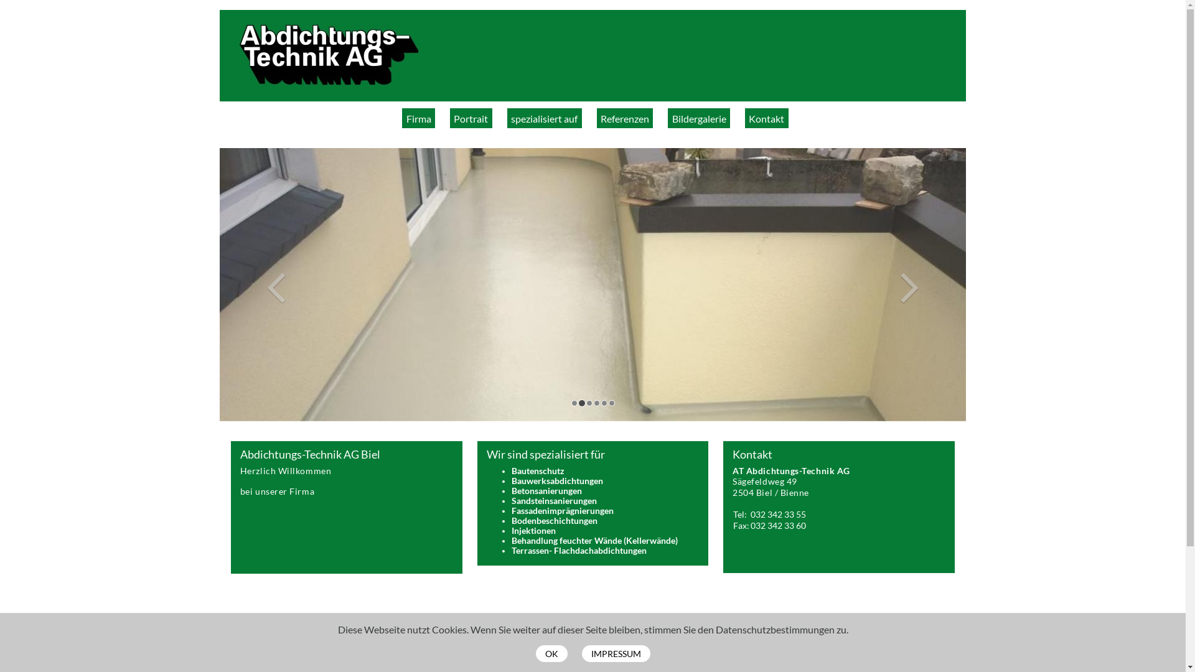 The height and width of the screenshot is (672, 1195). Describe the element at coordinates (699, 118) in the screenshot. I see `'Bildergalerie'` at that location.